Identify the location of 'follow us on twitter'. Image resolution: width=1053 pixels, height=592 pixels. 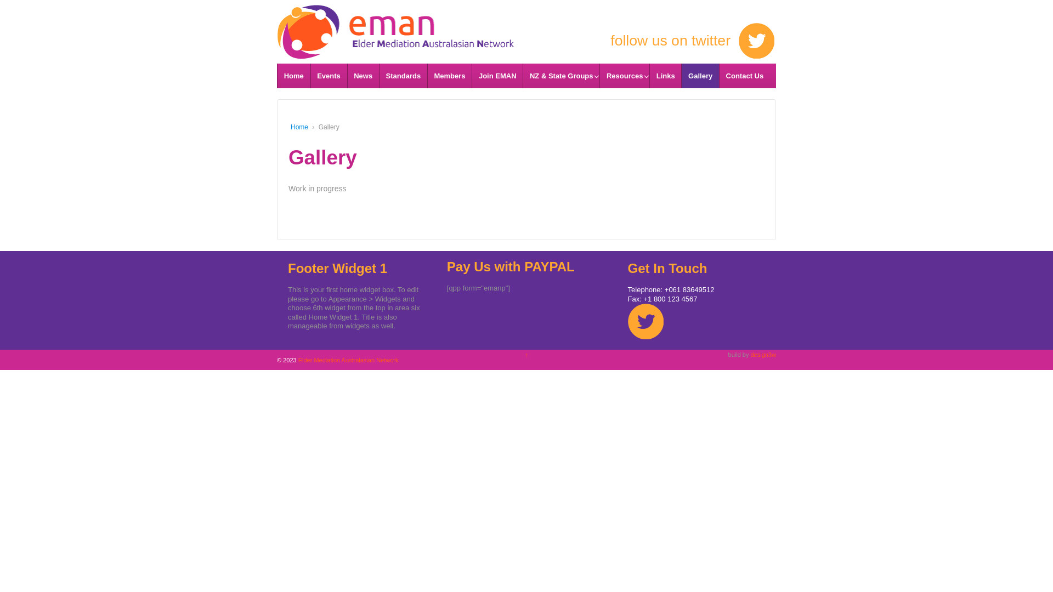
(646, 321).